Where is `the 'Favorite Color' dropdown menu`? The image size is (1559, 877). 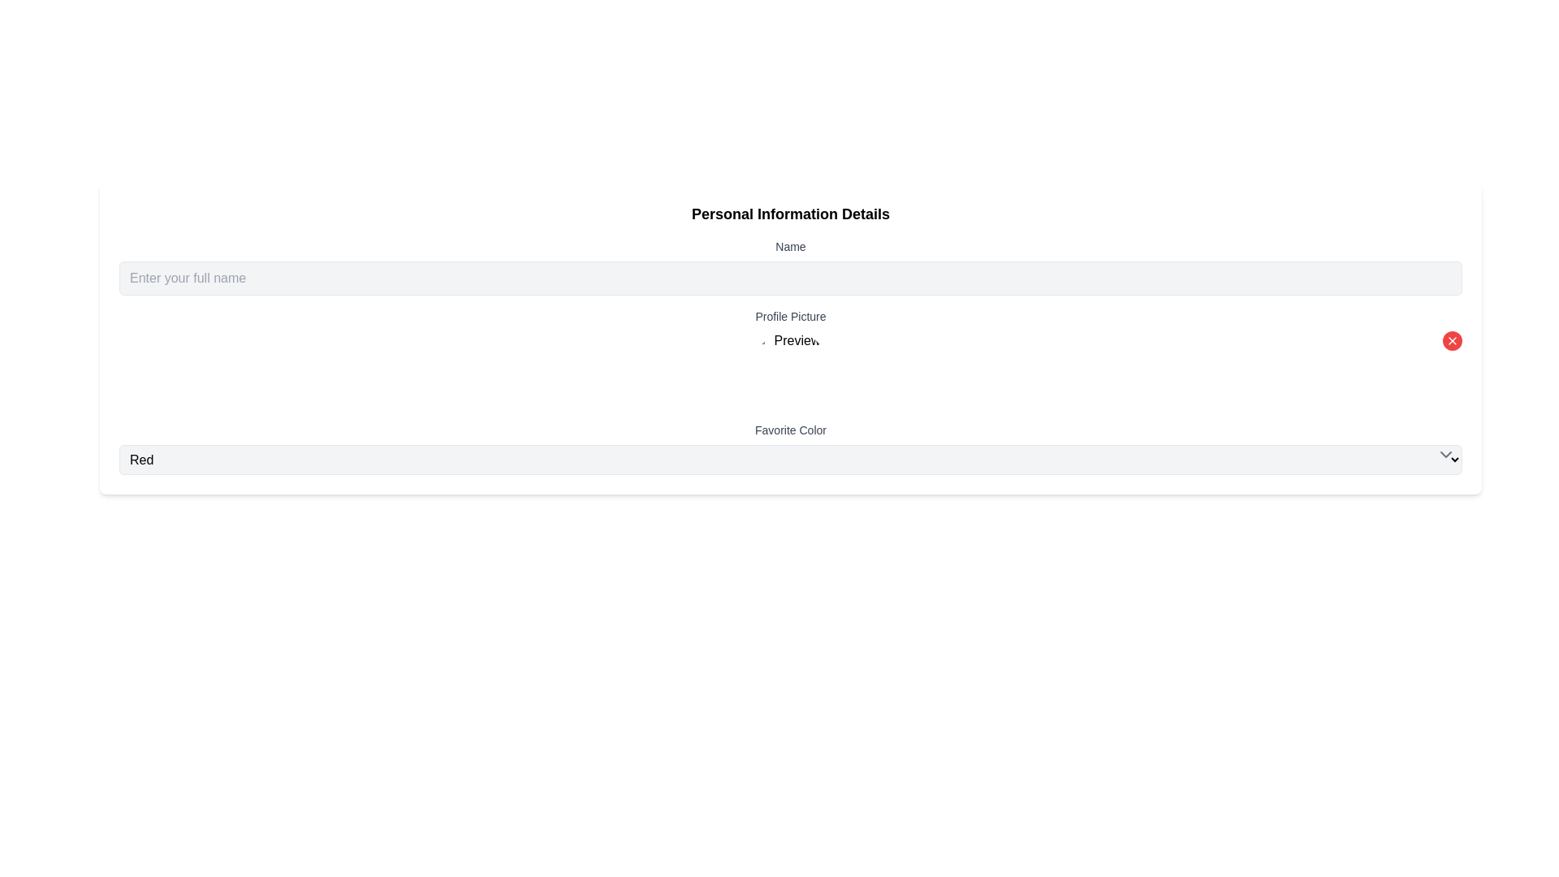 the 'Favorite Color' dropdown menu is located at coordinates (791, 448).